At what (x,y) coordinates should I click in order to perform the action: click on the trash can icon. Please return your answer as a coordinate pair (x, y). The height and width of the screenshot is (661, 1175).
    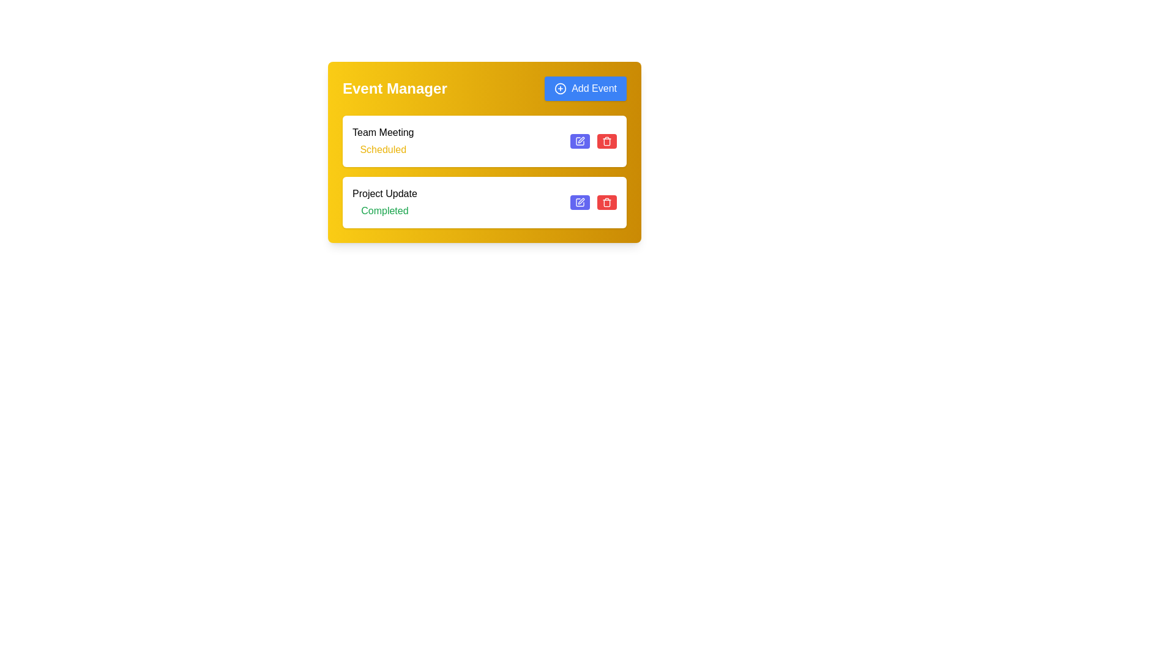
    Looking at the image, I should click on (607, 202).